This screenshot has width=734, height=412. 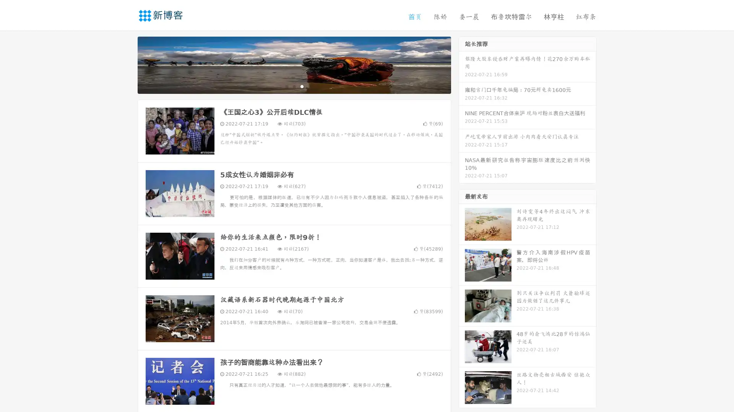 I want to click on Next slide, so click(x=462, y=64).